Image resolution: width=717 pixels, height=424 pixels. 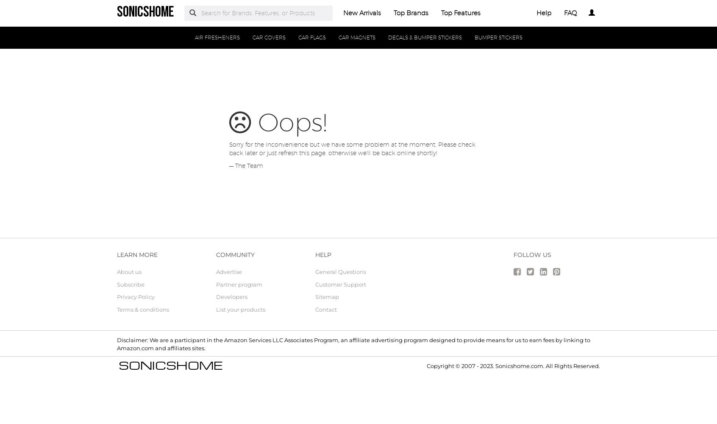 I want to click on 'Disclaimer: We are a participant in the Amazon Services LLC Associates Program, an affiliate advertising program designed to provide means for us to earn fees by linking to Amazon.com and affiliates sites.', so click(x=353, y=344).